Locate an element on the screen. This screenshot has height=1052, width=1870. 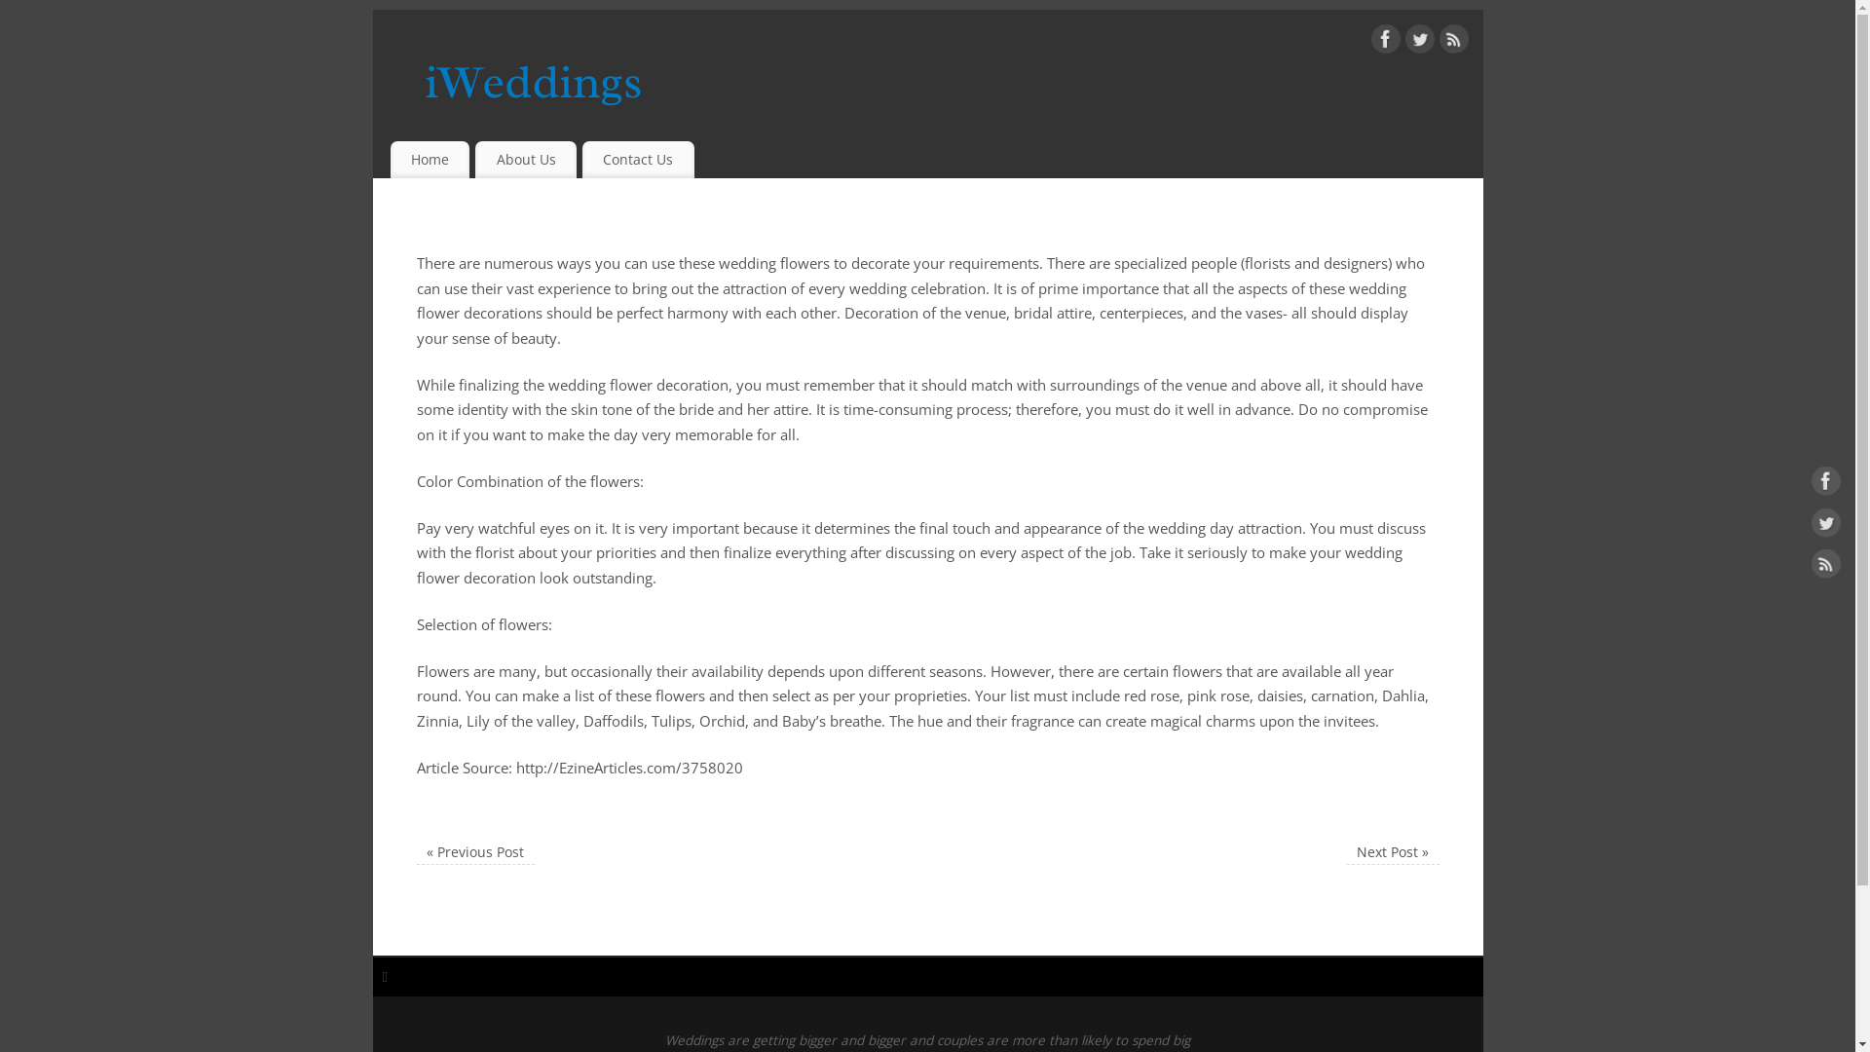
'Facebook' is located at coordinates (1384, 42).